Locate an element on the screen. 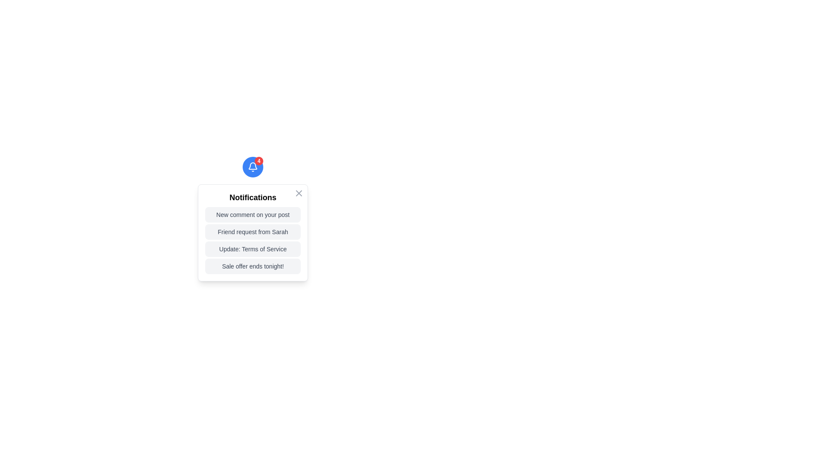 This screenshot has width=826, height=464. the circular blue button with a white bell icon and a red badge showing '4' is located at coordinates (253, 167).